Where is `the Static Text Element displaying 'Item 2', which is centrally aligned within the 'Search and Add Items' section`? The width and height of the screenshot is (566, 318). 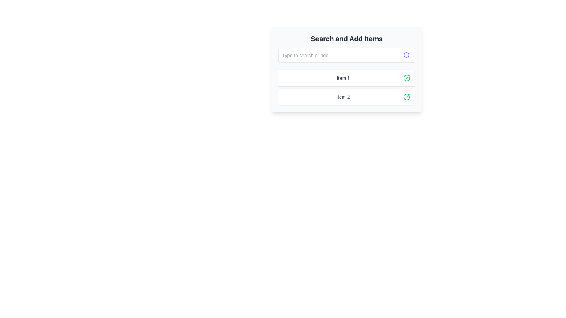
the Static Text Element displaying 'Item 2', which is centrally aligned within the 'Search and Add Items' section is located at coordinates (343, 96).